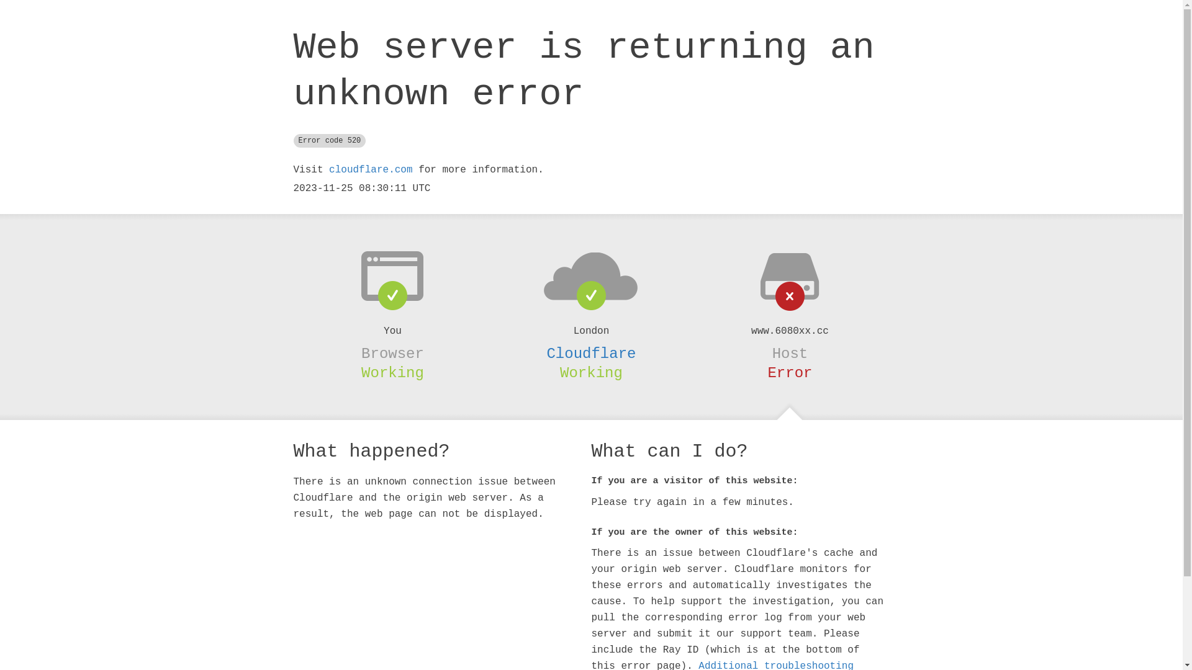 This screenshot has width=1192, height=670. Describe the element at coordinates (369, 169) in the screenshot. I see `'cloudflare.com'` at that location.